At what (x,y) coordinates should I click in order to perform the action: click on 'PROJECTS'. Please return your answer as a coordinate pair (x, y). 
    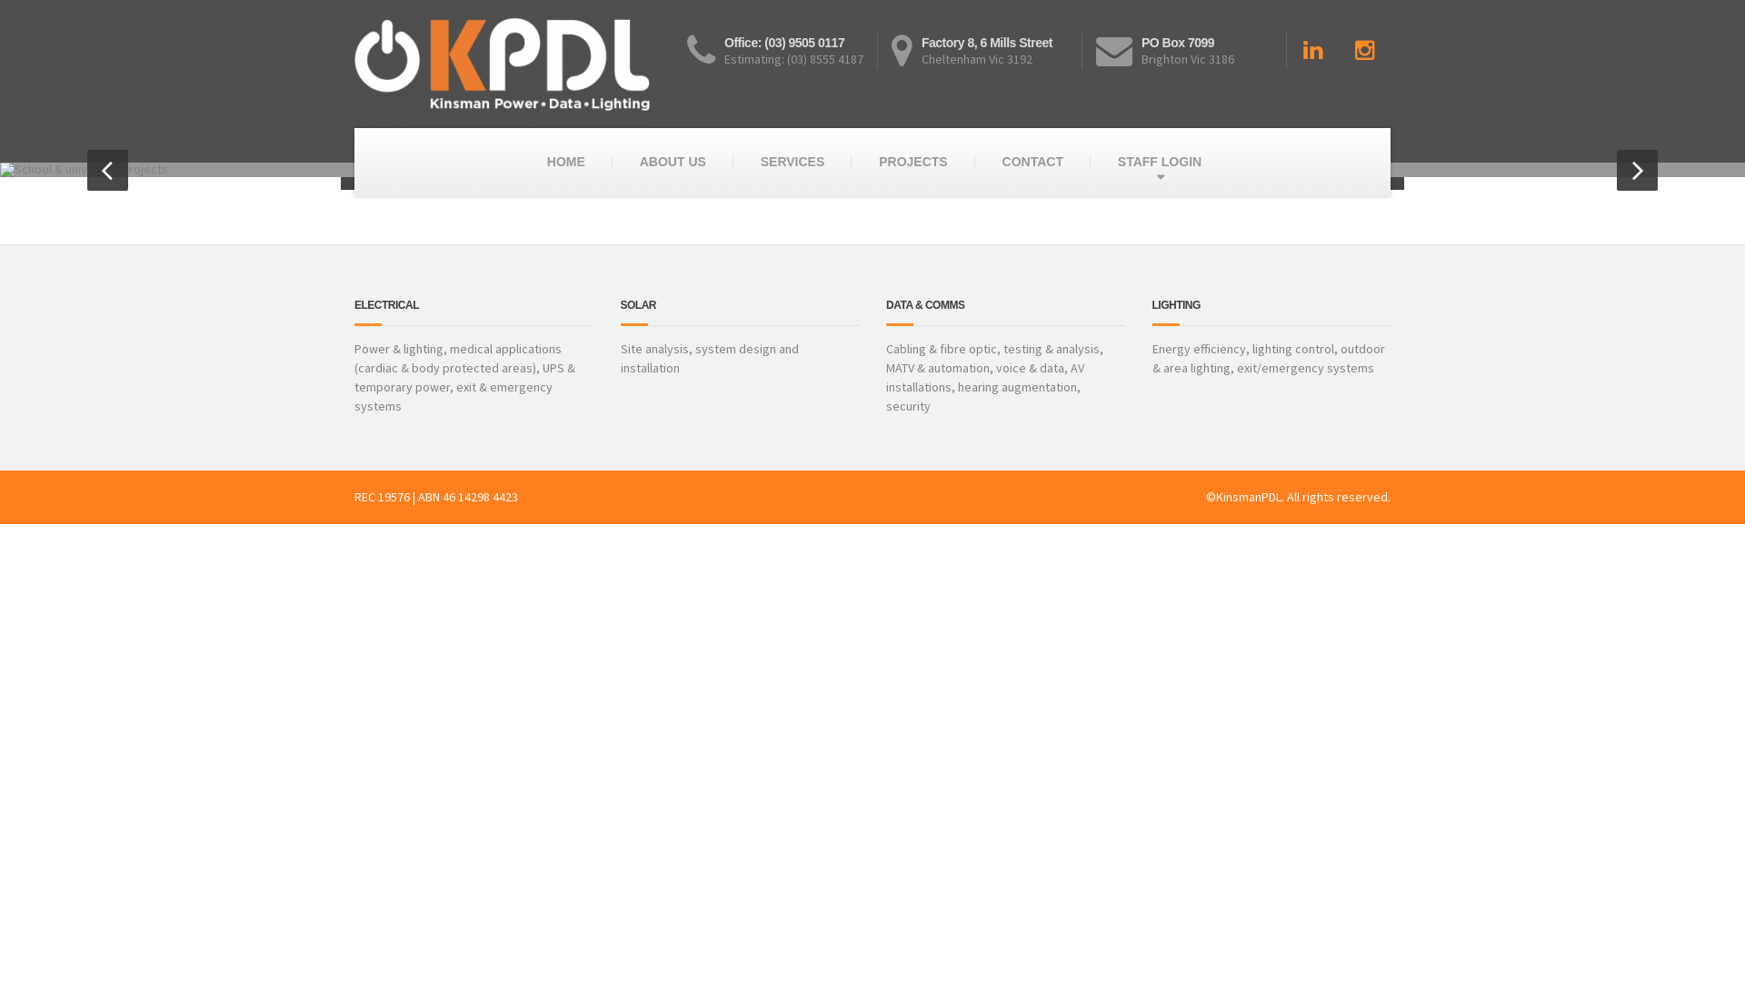
    Looking at the image, I should click on (912, 161).